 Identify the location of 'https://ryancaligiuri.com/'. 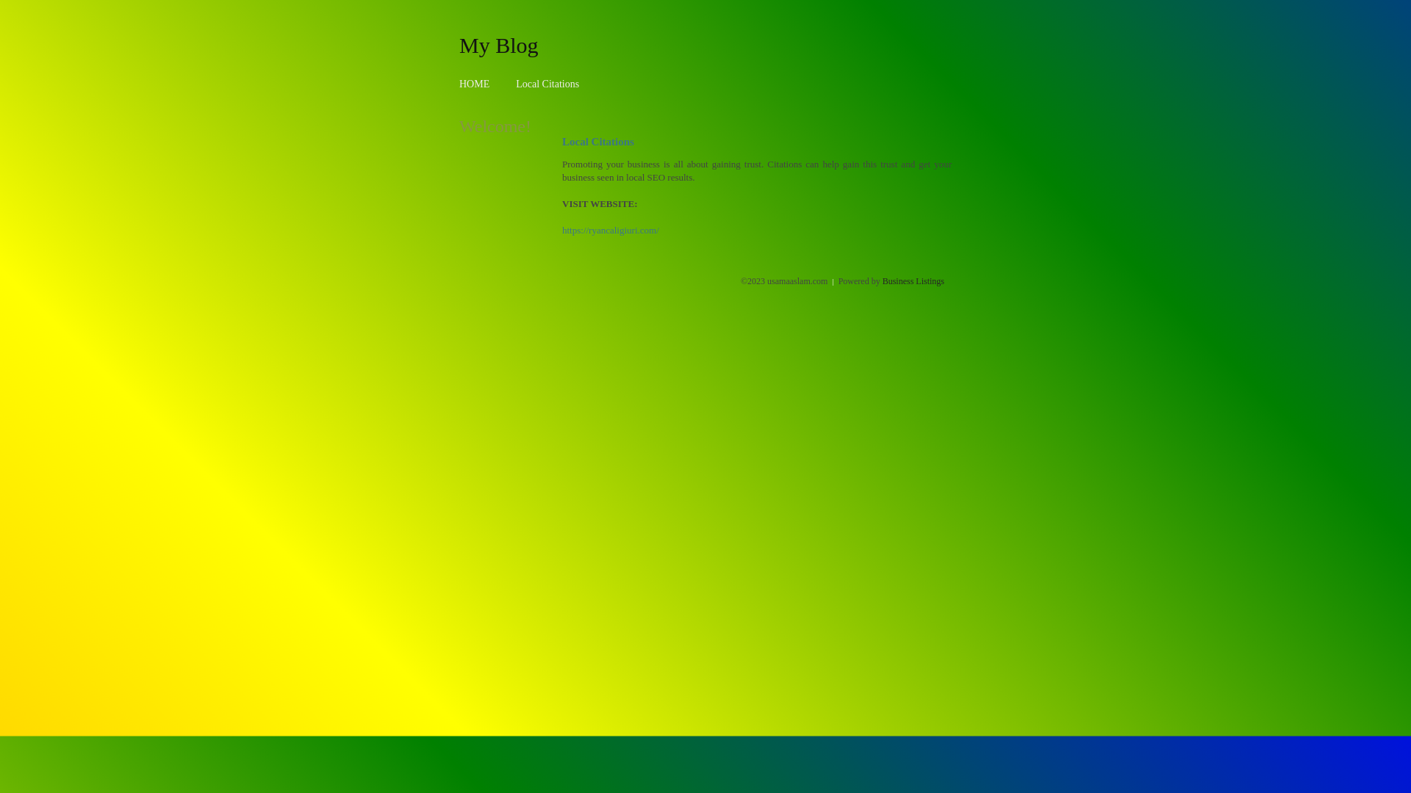
(561, 230).